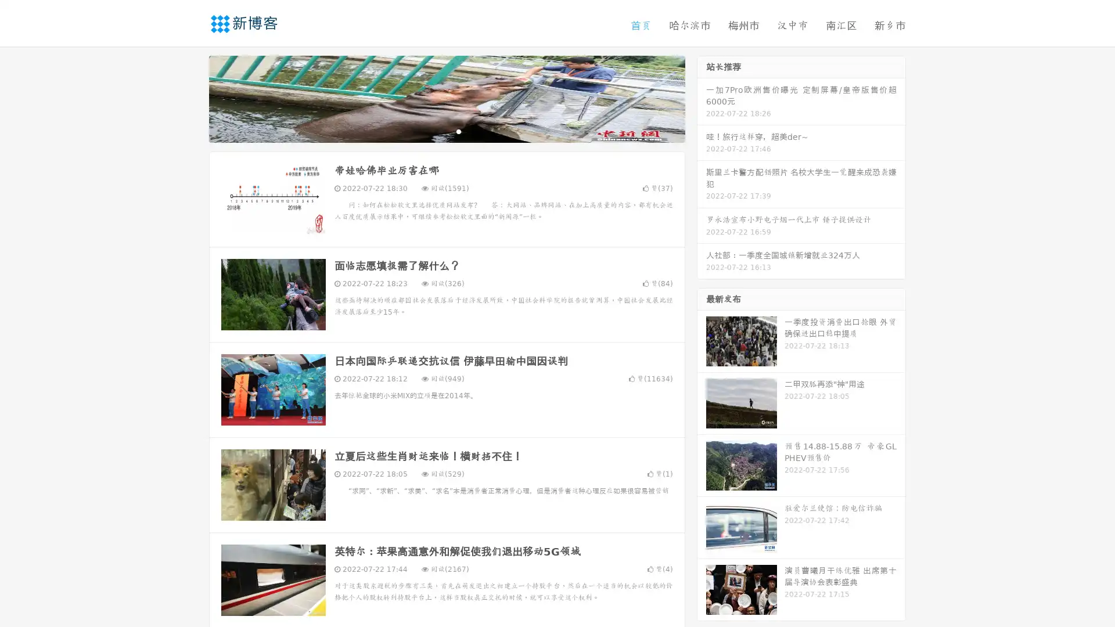 Image resolution: width=1115 pixels, height=627 pixels. What do you see at coordinates (446, 131) in the screenshot?
I see `Go to slide 2` at bounding box center [446, 131].